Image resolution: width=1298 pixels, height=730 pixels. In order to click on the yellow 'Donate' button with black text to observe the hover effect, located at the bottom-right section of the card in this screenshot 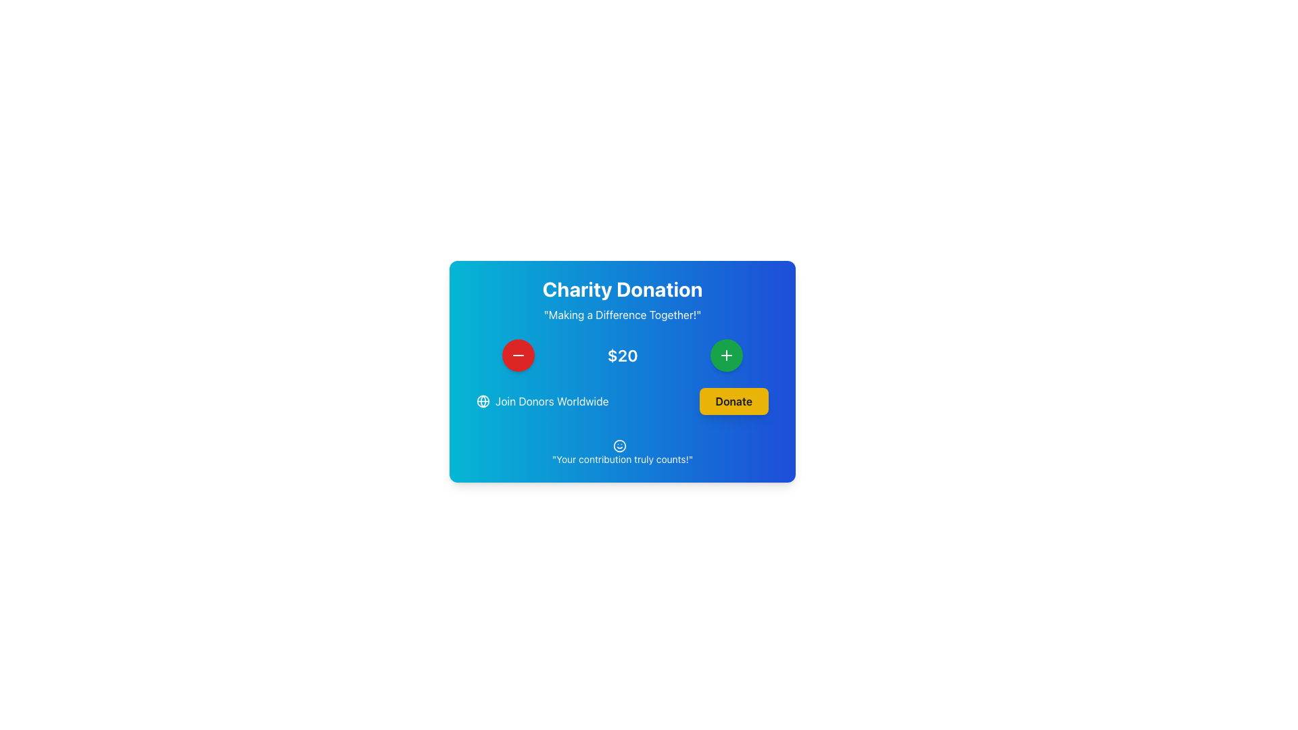, I will do `click(733, 401)`.